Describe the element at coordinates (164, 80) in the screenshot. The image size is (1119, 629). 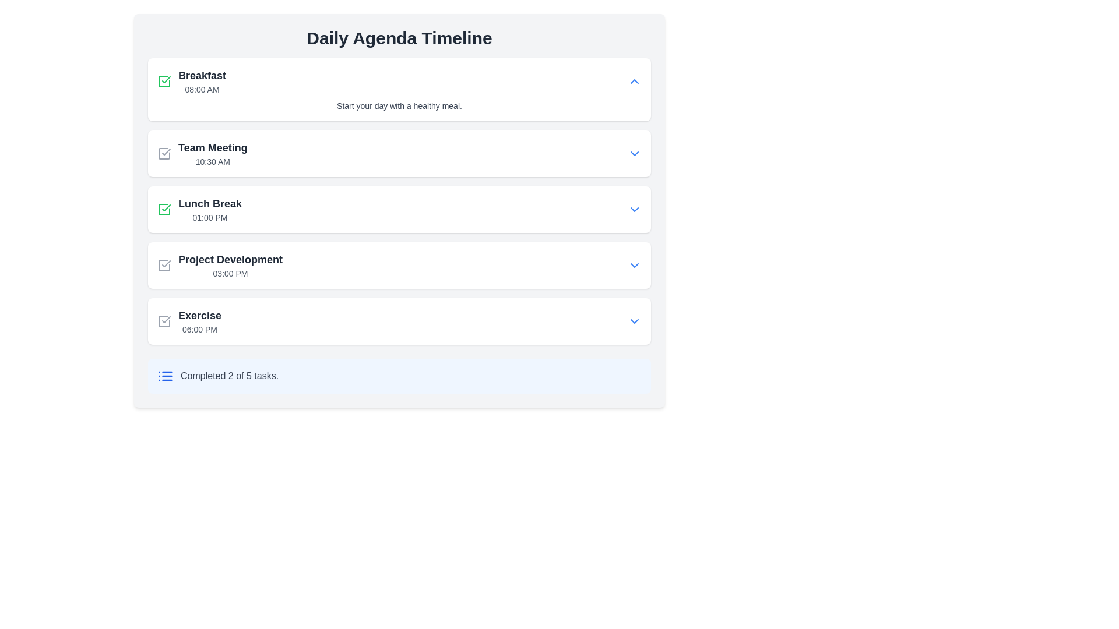
I see `the completion icon located to the left of the 'Breakfast' text in the first list item of the agenda timeline to indicate that the task has been completed` at that location.